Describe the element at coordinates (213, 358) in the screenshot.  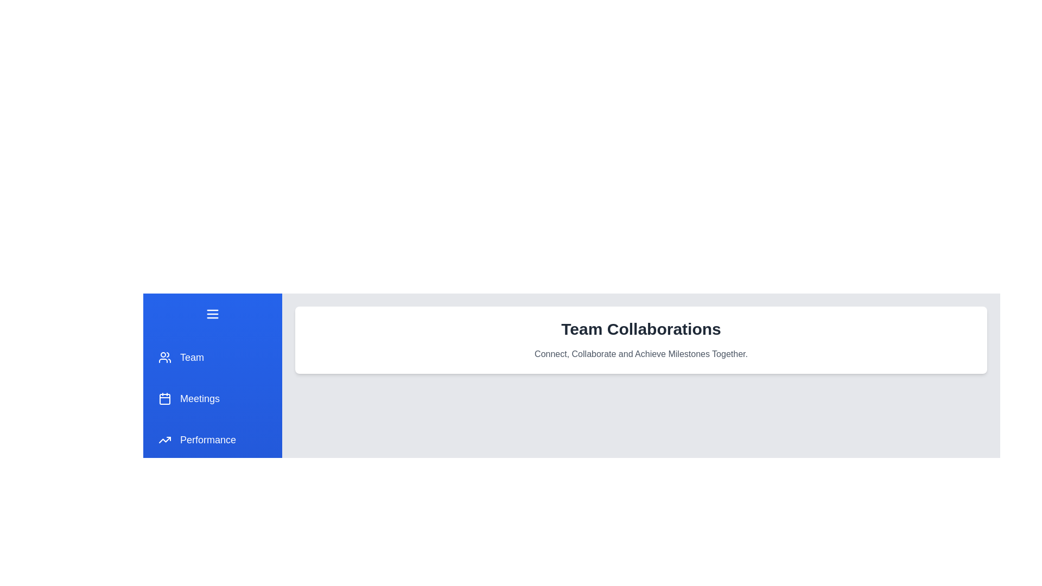
I see `the menu item Team from the drawer` at that location.